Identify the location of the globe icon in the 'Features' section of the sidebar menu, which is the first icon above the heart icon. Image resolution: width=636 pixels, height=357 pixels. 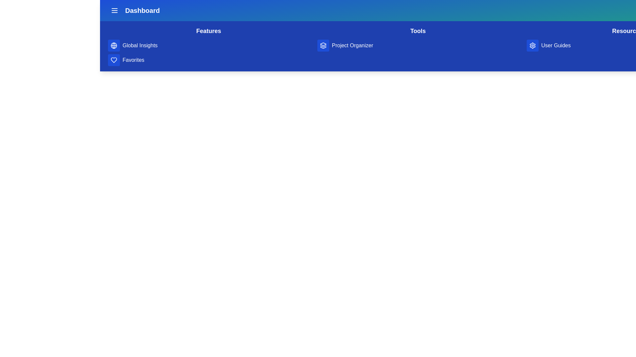
(114, 45).